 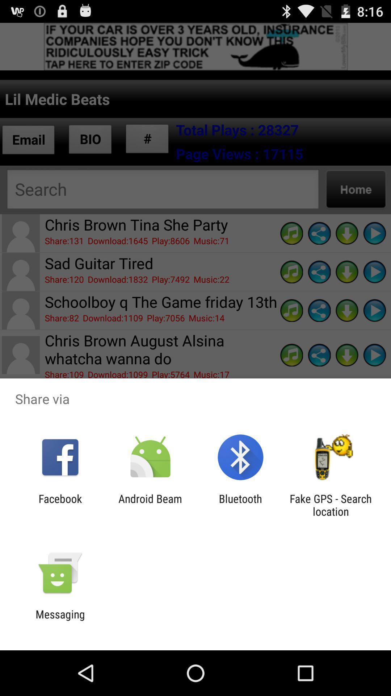 What do you see at coordinates (150, 505) in the screenshot?
I see `item to the left of the bluetooth` at bounding box center [150, 505].